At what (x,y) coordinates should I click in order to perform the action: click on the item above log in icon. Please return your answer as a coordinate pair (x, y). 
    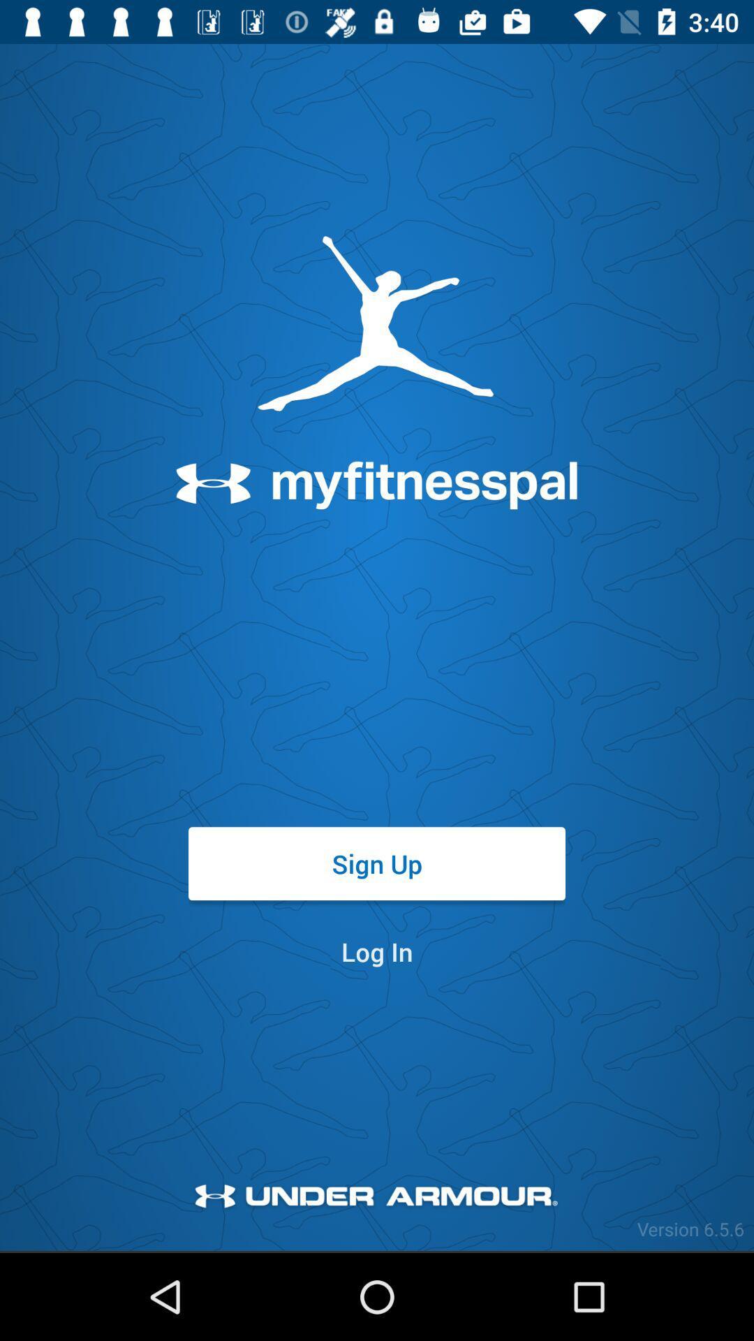
    Looking at the image, I should click on (377, 863).